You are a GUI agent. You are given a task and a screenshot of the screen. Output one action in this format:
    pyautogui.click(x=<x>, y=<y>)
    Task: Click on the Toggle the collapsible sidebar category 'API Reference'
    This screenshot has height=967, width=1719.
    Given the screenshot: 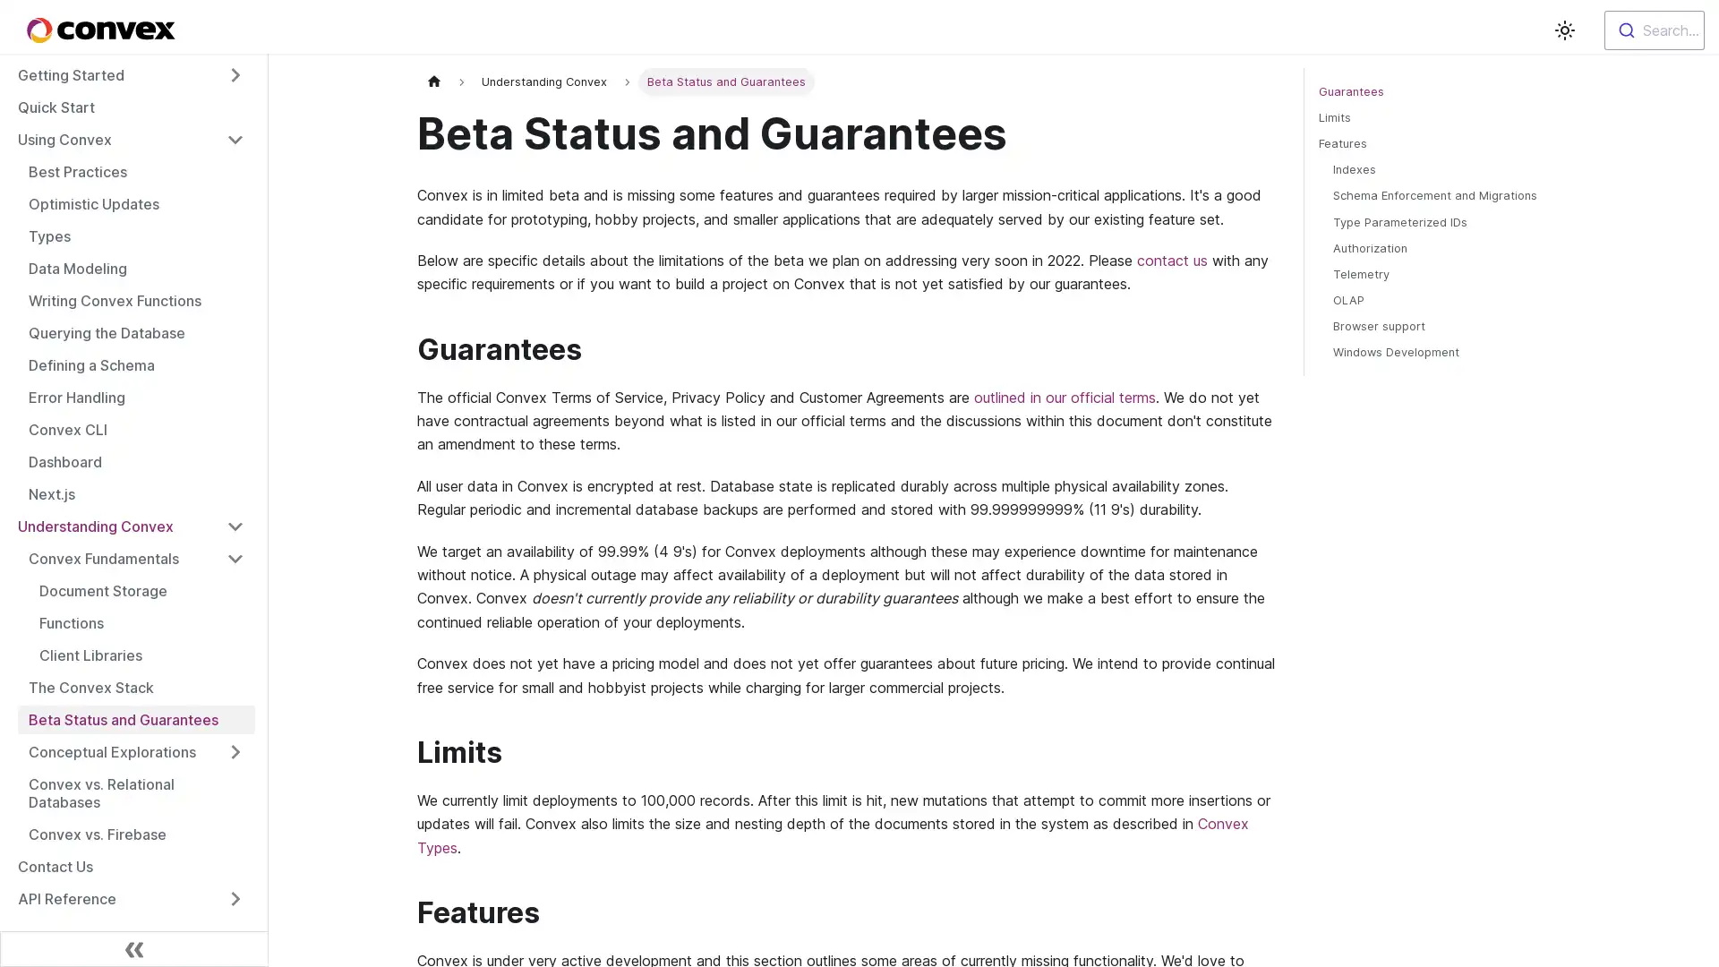 What is the action you would take?
    pyautogui.click(x=235, y=898)
    